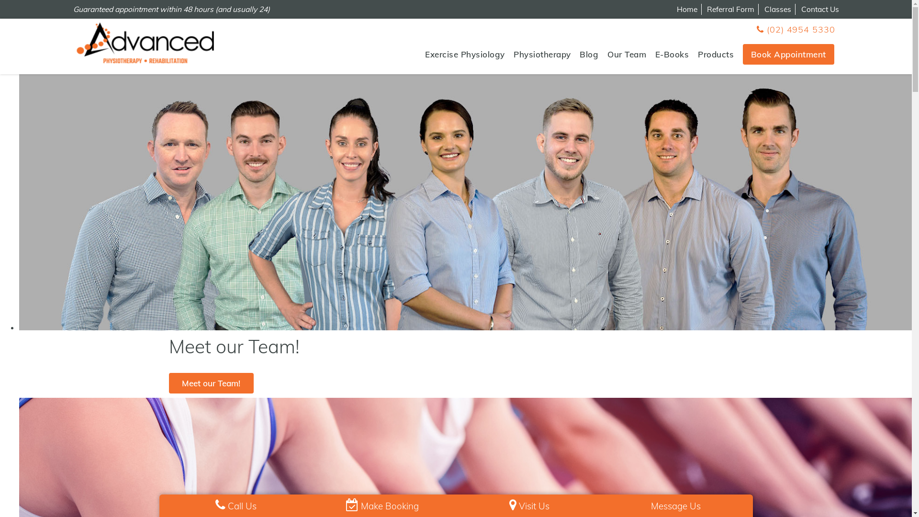 This screenshot has height=517, width=919. Describe the element at coordinates (788, 54) in the screenshot. I see `'Book Appointment'` at that location.